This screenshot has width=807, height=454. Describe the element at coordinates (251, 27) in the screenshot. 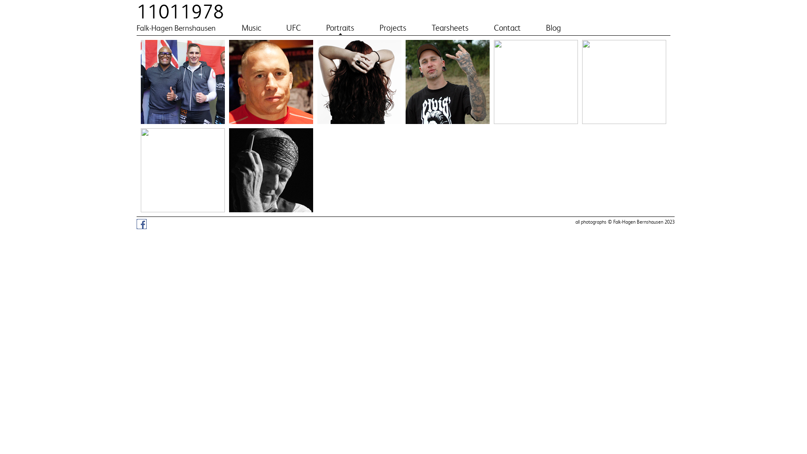

I see `'Music'` at that location.